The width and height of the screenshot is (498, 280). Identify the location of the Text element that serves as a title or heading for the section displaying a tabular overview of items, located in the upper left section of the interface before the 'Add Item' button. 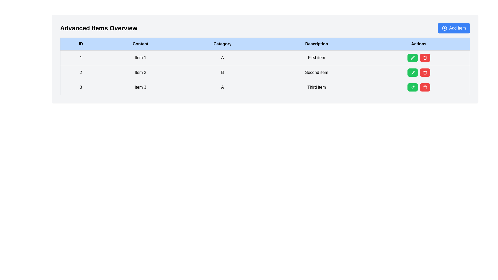
(99, 28).